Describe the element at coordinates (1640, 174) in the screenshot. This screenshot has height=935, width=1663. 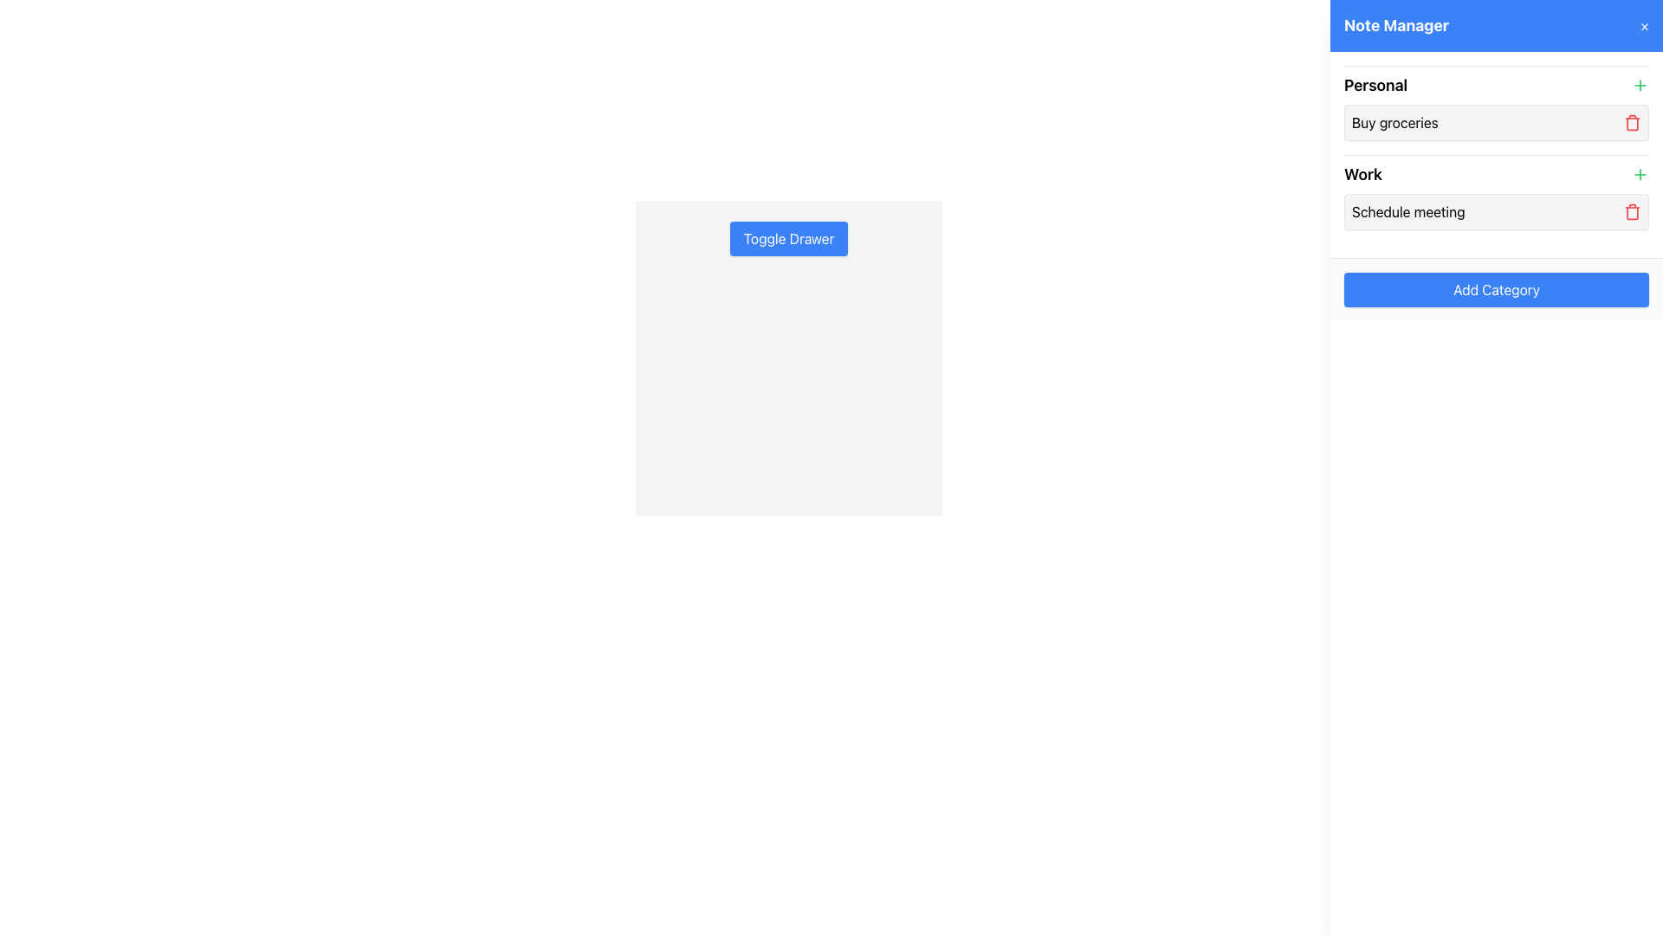
I see `the 'Add New Item' button located at the far right of the 'Work' category to change its color` at that location.